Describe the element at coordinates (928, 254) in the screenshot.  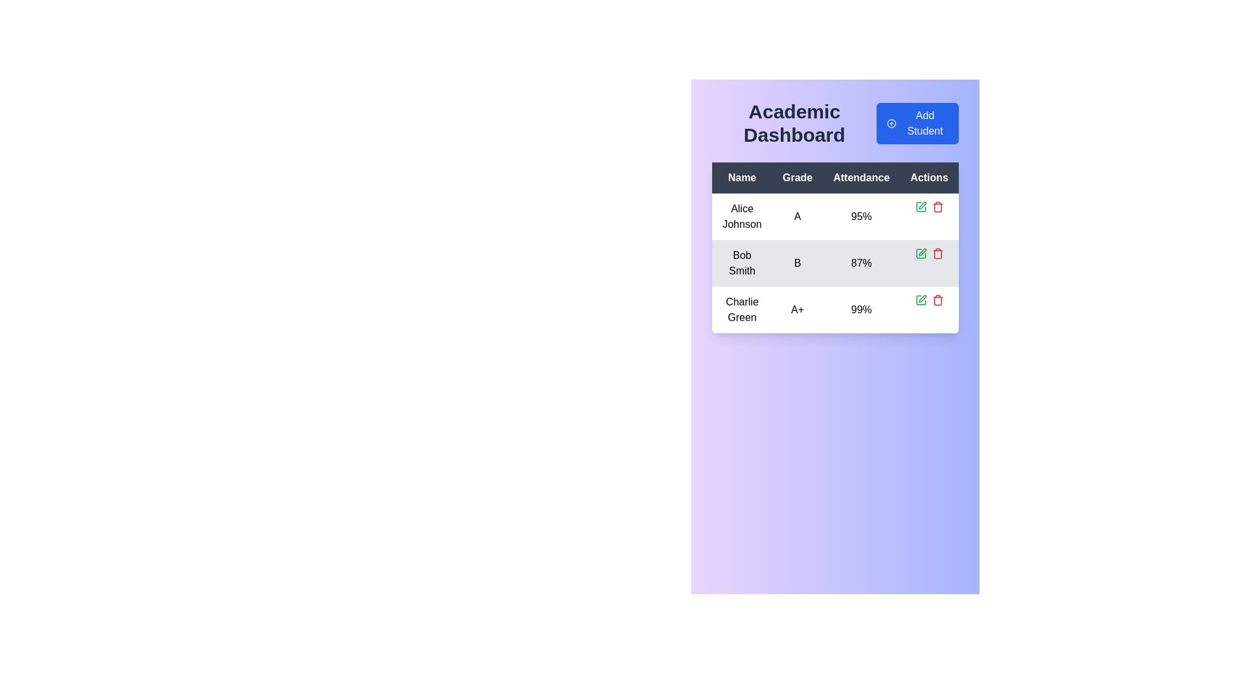
I see `the delete icon in the Actions column for the 'Bob Smith' entry in the table, which is located at the fourth column` at that location.